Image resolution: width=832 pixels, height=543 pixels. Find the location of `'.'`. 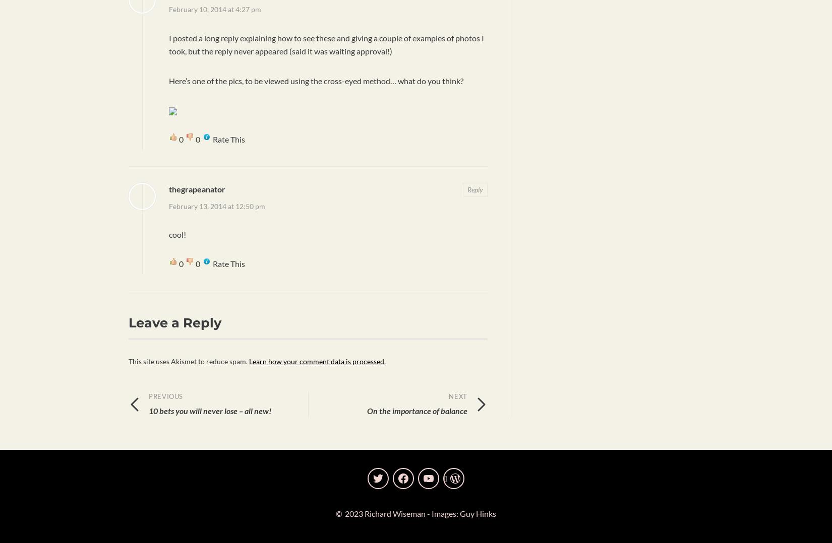

'.' is located at coordinates (384, 361).